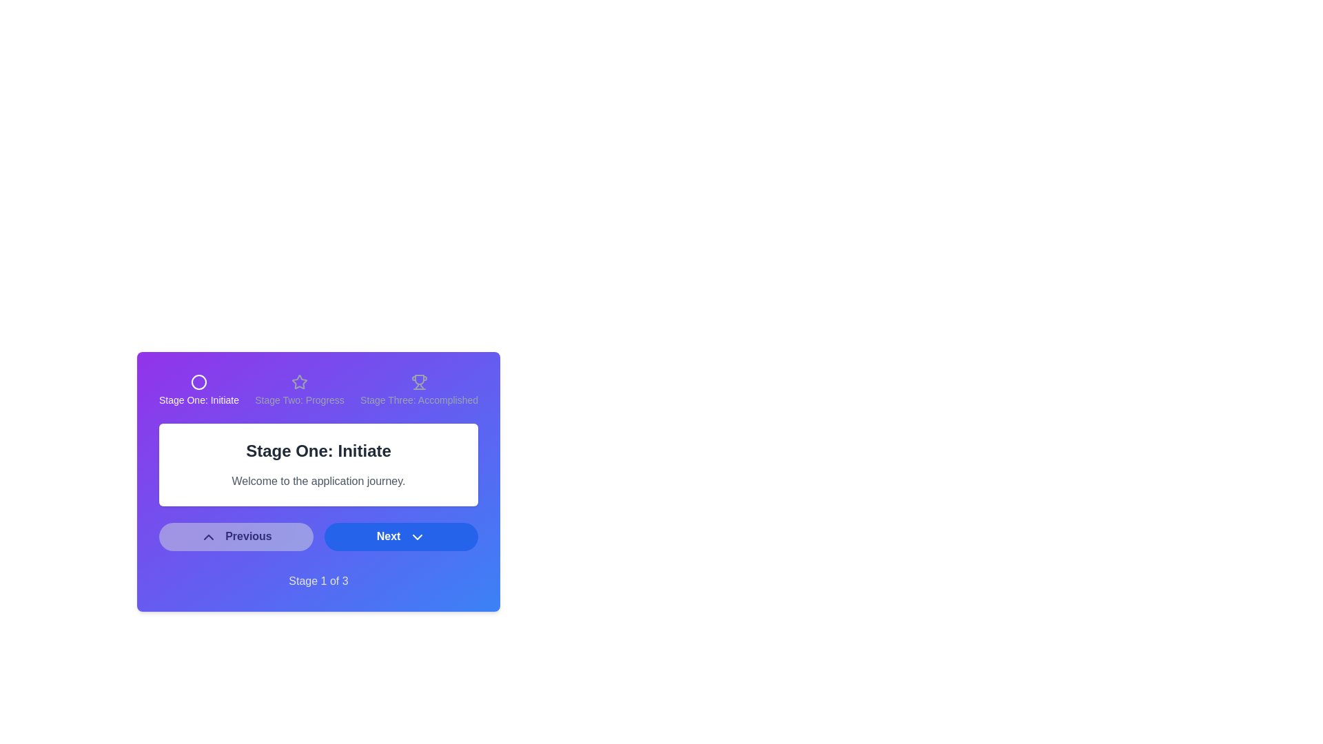 Image resolution: width=1323 pixels, height=744 pixels. Describe the element at coordinates (236, 536) in the screenshot. I see `the navigational button located on the left side of the interface, adjacent to the blue 'Next' button` at that location.